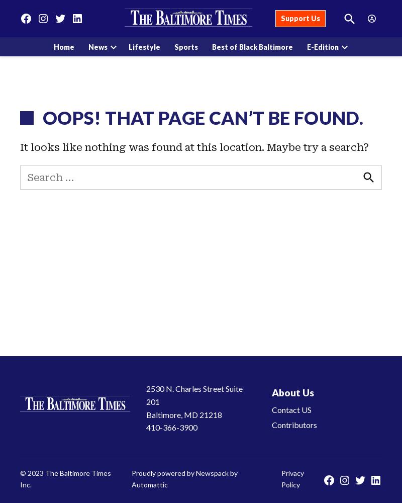 This screenshot has width=402, height=503. I want to click on 'Baltimore, MD 21218', so click(183, 413).